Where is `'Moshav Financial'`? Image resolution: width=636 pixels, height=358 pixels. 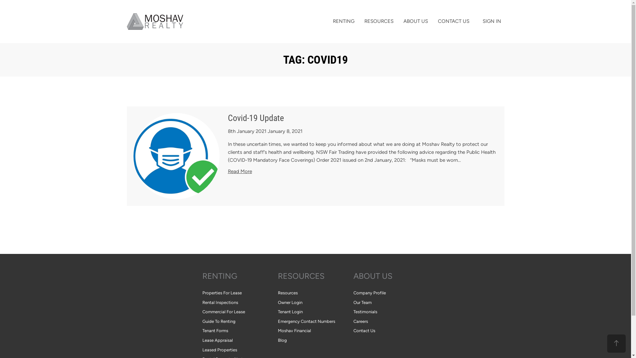 'Moshav Financial' is located at coordinates (315, 331).